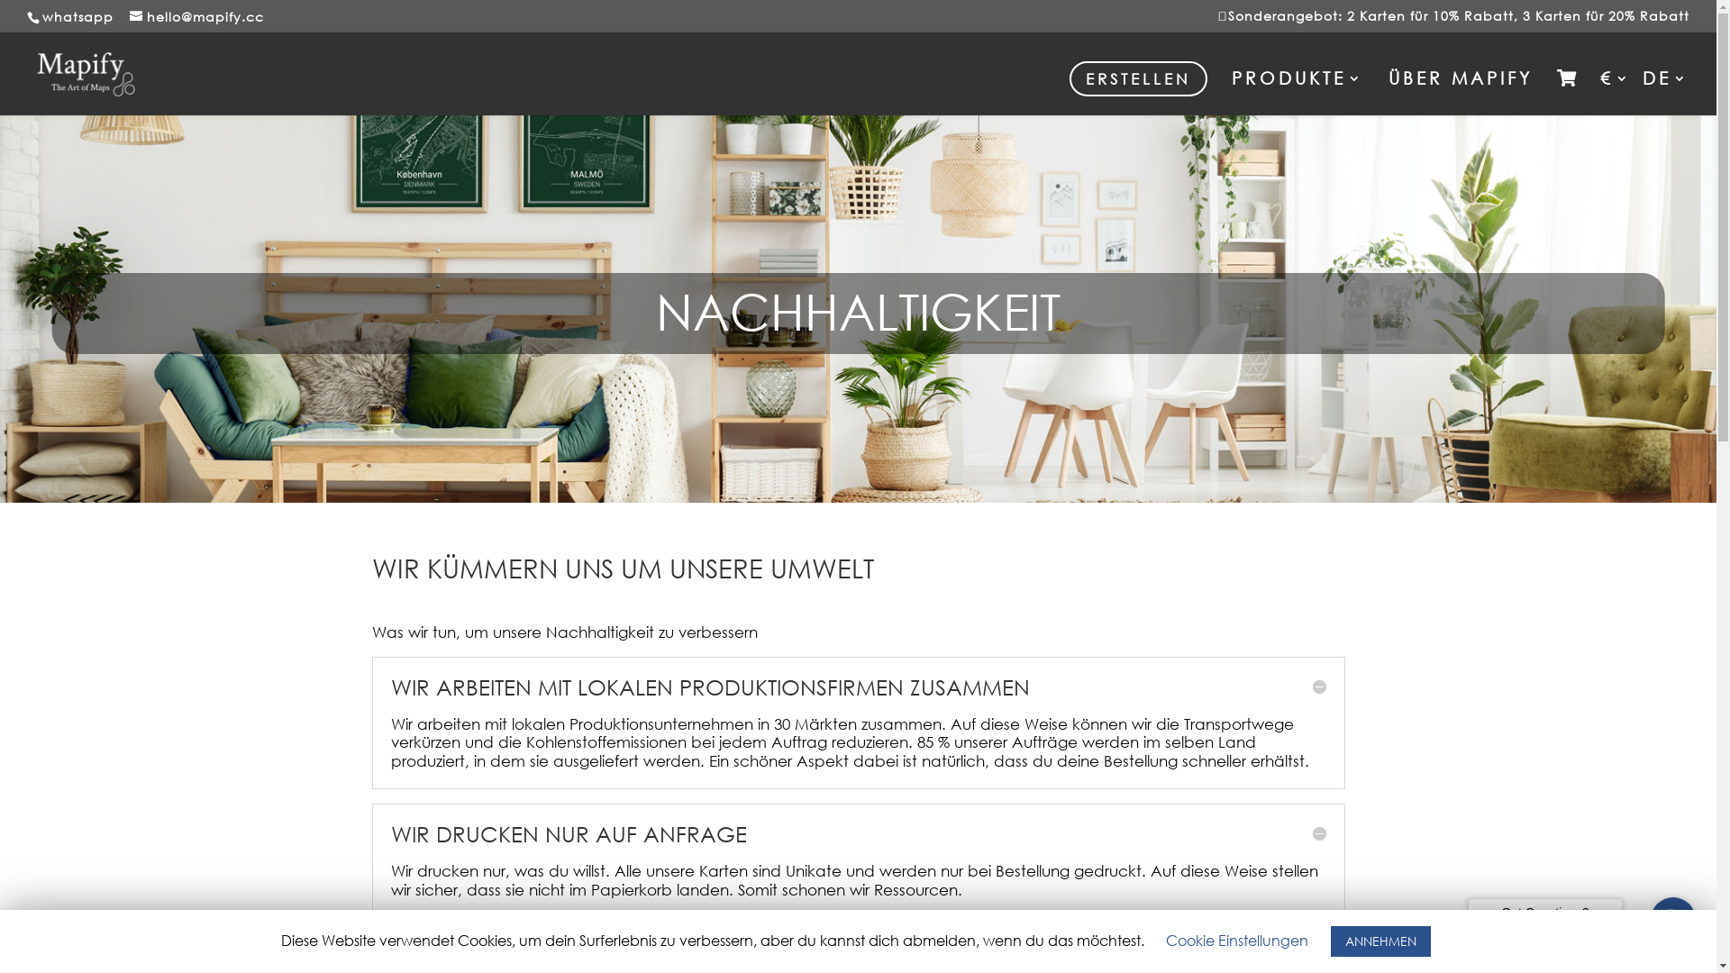 This screenshot has width=1730, height=973. Describe the element at coordinates (1069, 77) in the screenshot. I see `'ERSTELLEN'` at that location.